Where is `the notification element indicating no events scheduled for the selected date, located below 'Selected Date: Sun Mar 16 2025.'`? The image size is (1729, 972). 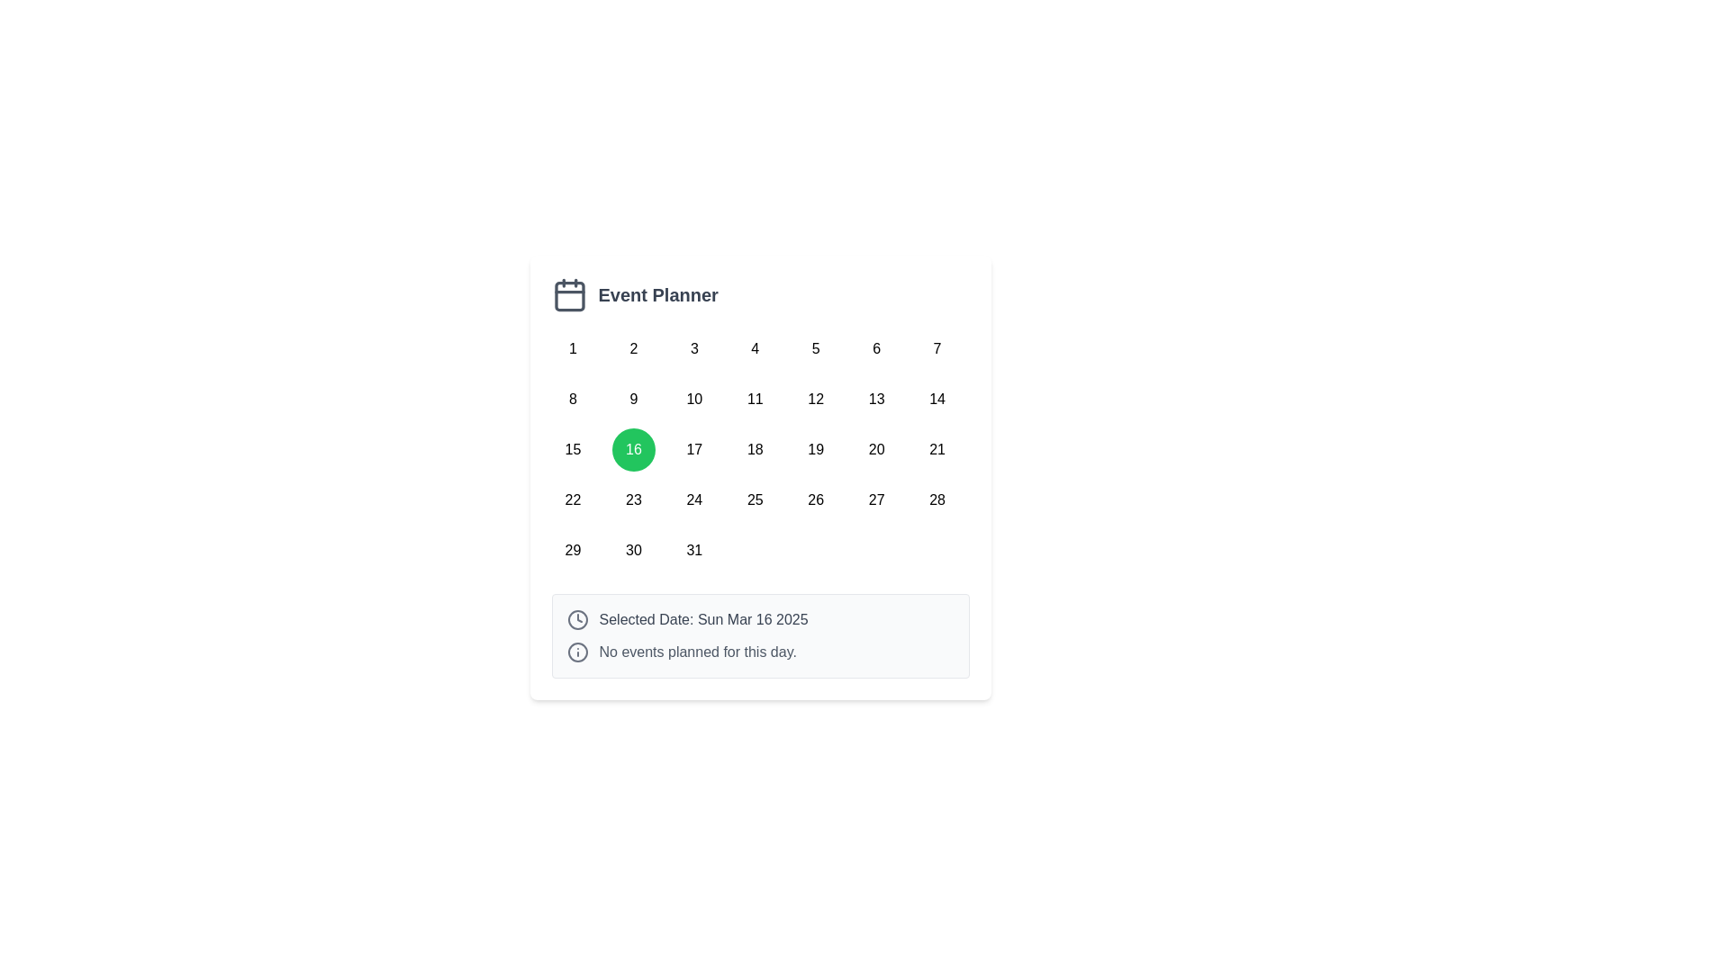 the notification element indicating no events scheduled for the selected date, located below 'Selected Date: Sun Mar 16 2025.' is located at coordinates (760, 652).